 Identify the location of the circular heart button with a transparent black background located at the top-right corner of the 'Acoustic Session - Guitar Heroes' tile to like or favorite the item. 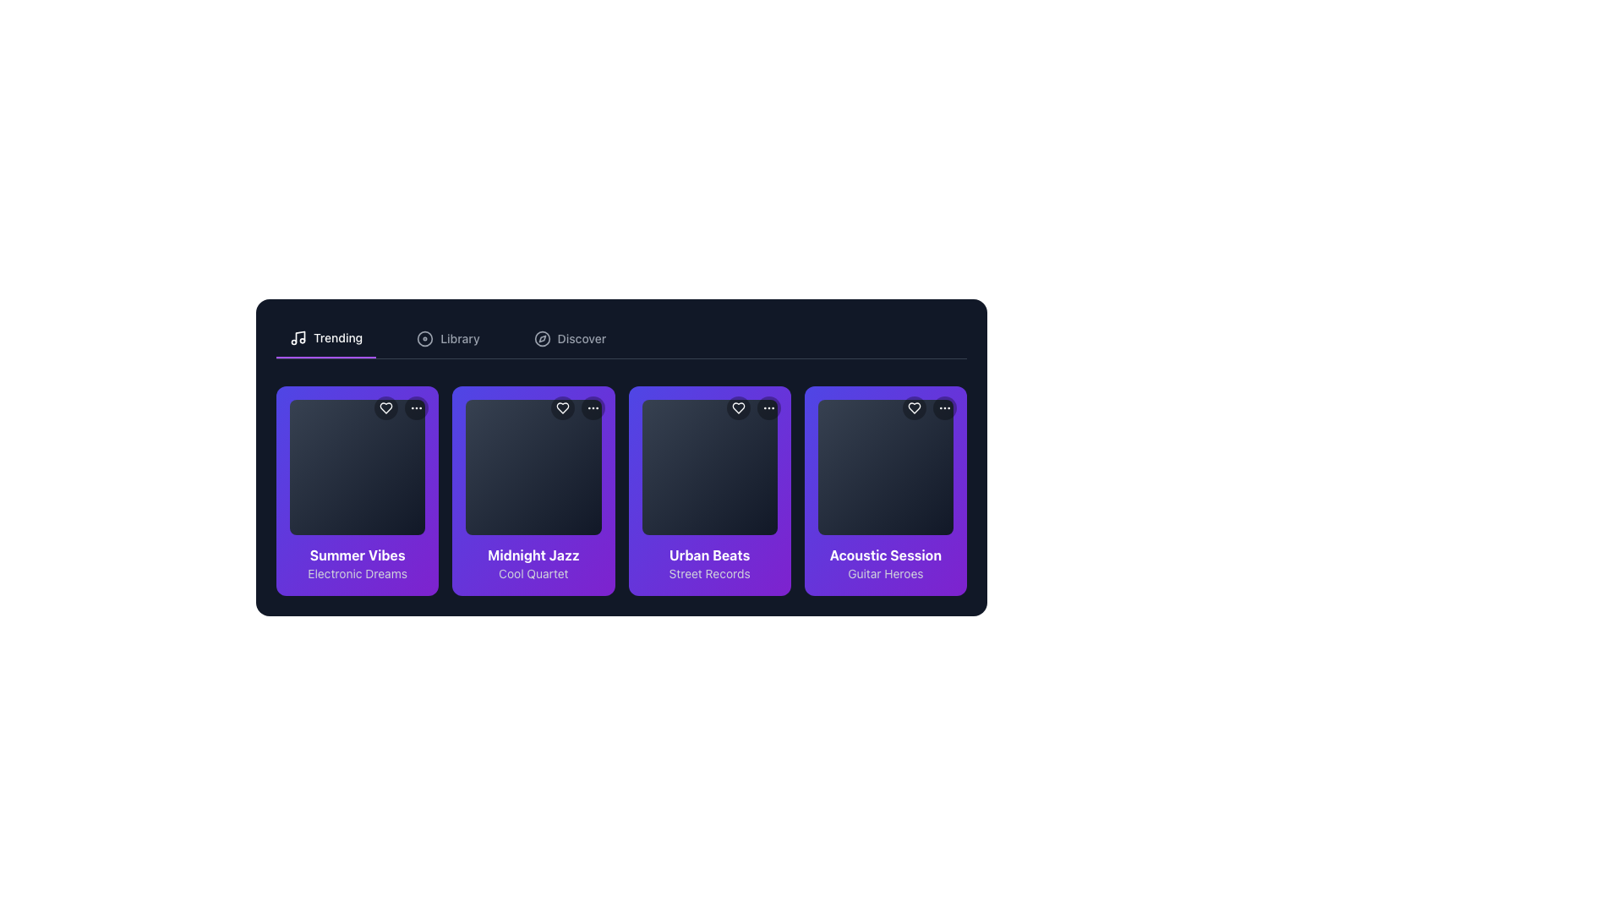
(913, 407).